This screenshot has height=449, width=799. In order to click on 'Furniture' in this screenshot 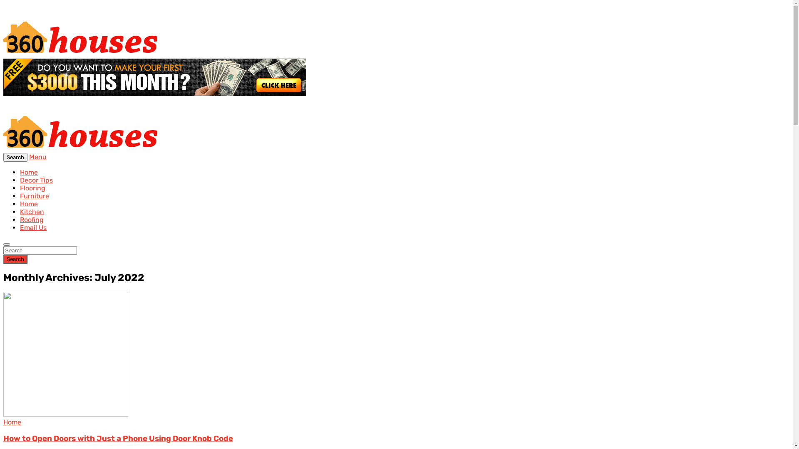, I will do `click(34, 196)`.